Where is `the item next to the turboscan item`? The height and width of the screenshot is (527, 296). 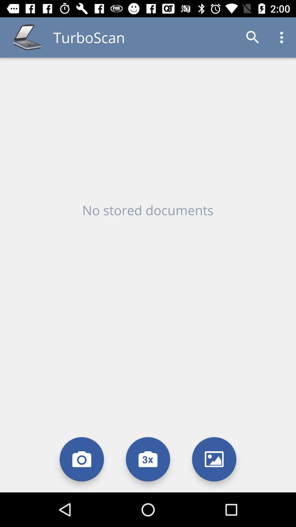
the item next to the turboscan item is located at coordinates (253, 37).